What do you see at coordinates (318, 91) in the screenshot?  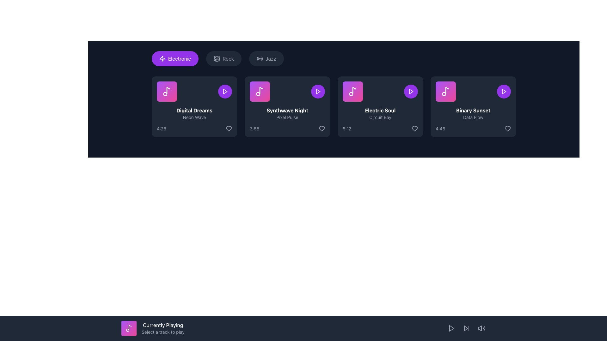 I see `the Play button icon on the 'Synthwave Night' music card, which is a triangular shape in purple color, for interaction feedback` at bounding box center [318, 91].